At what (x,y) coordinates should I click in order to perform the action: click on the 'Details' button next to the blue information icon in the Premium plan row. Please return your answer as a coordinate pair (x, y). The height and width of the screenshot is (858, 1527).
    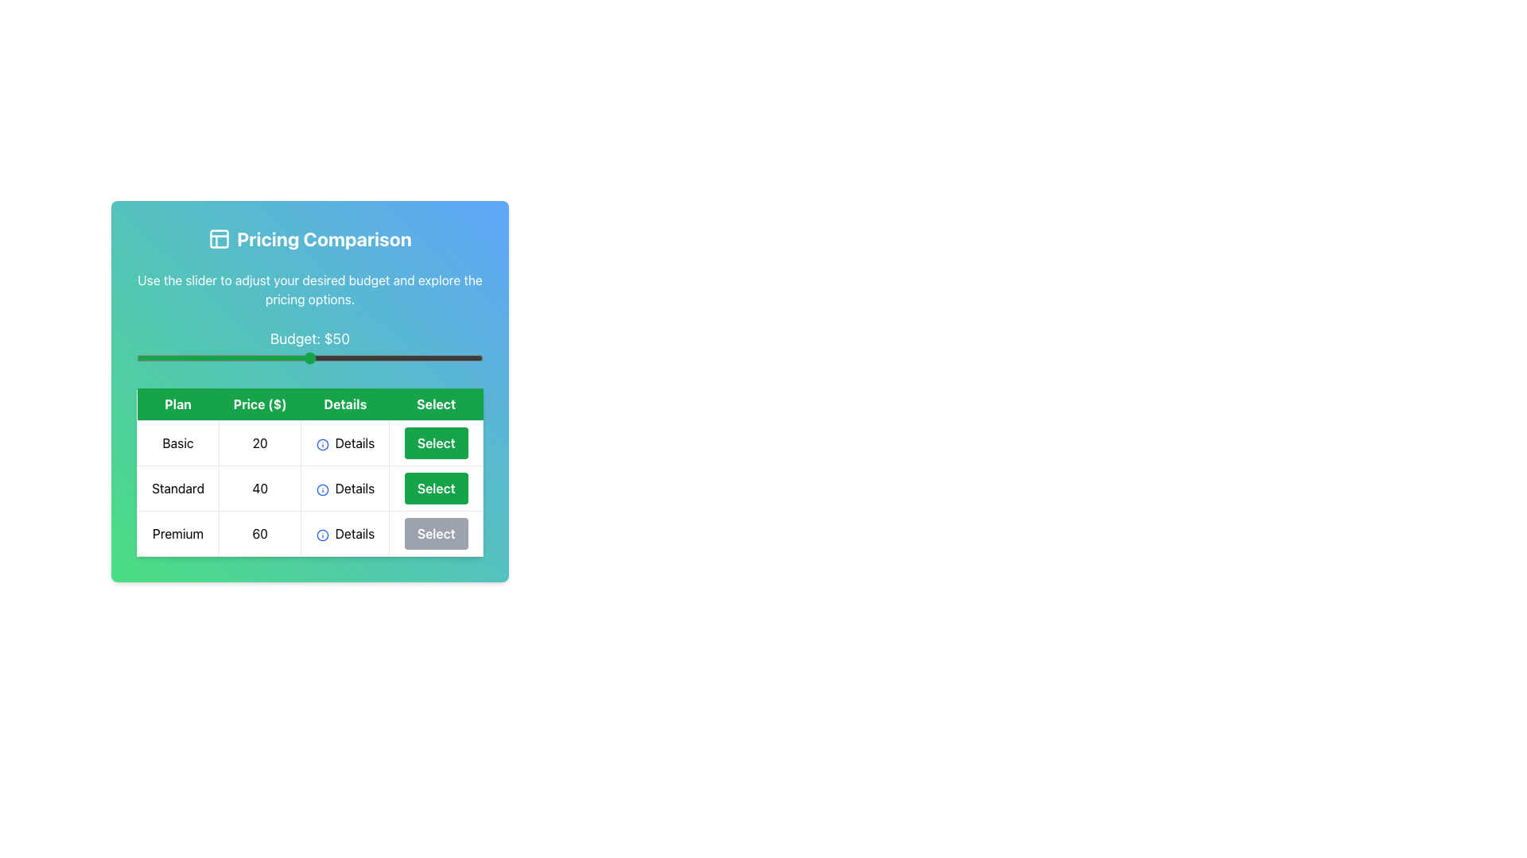
    Looking at the image, I should click on (344, 533).